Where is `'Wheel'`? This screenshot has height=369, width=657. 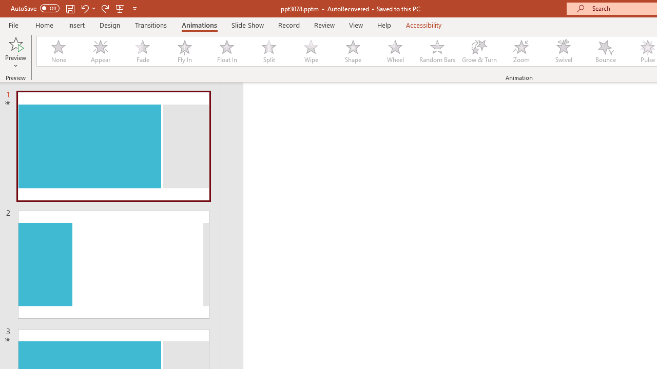
'Wheel' is located at coordinates (395, 51).